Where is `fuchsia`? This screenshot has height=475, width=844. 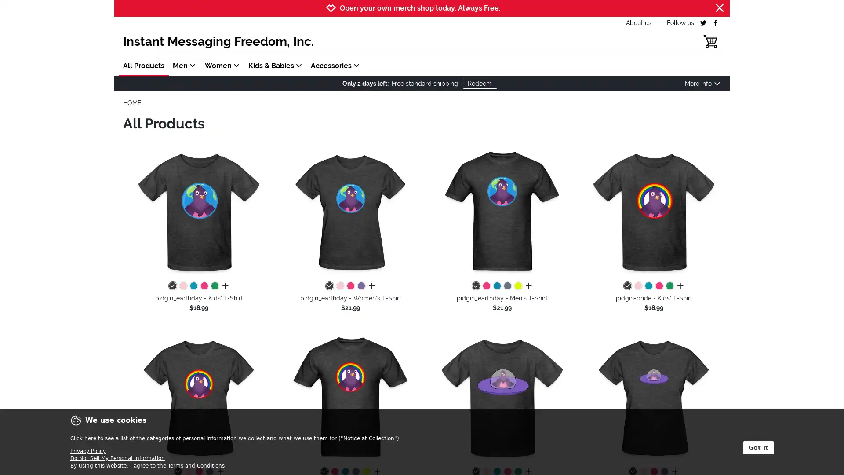 fuchsia is located at coordinates (204, 286).